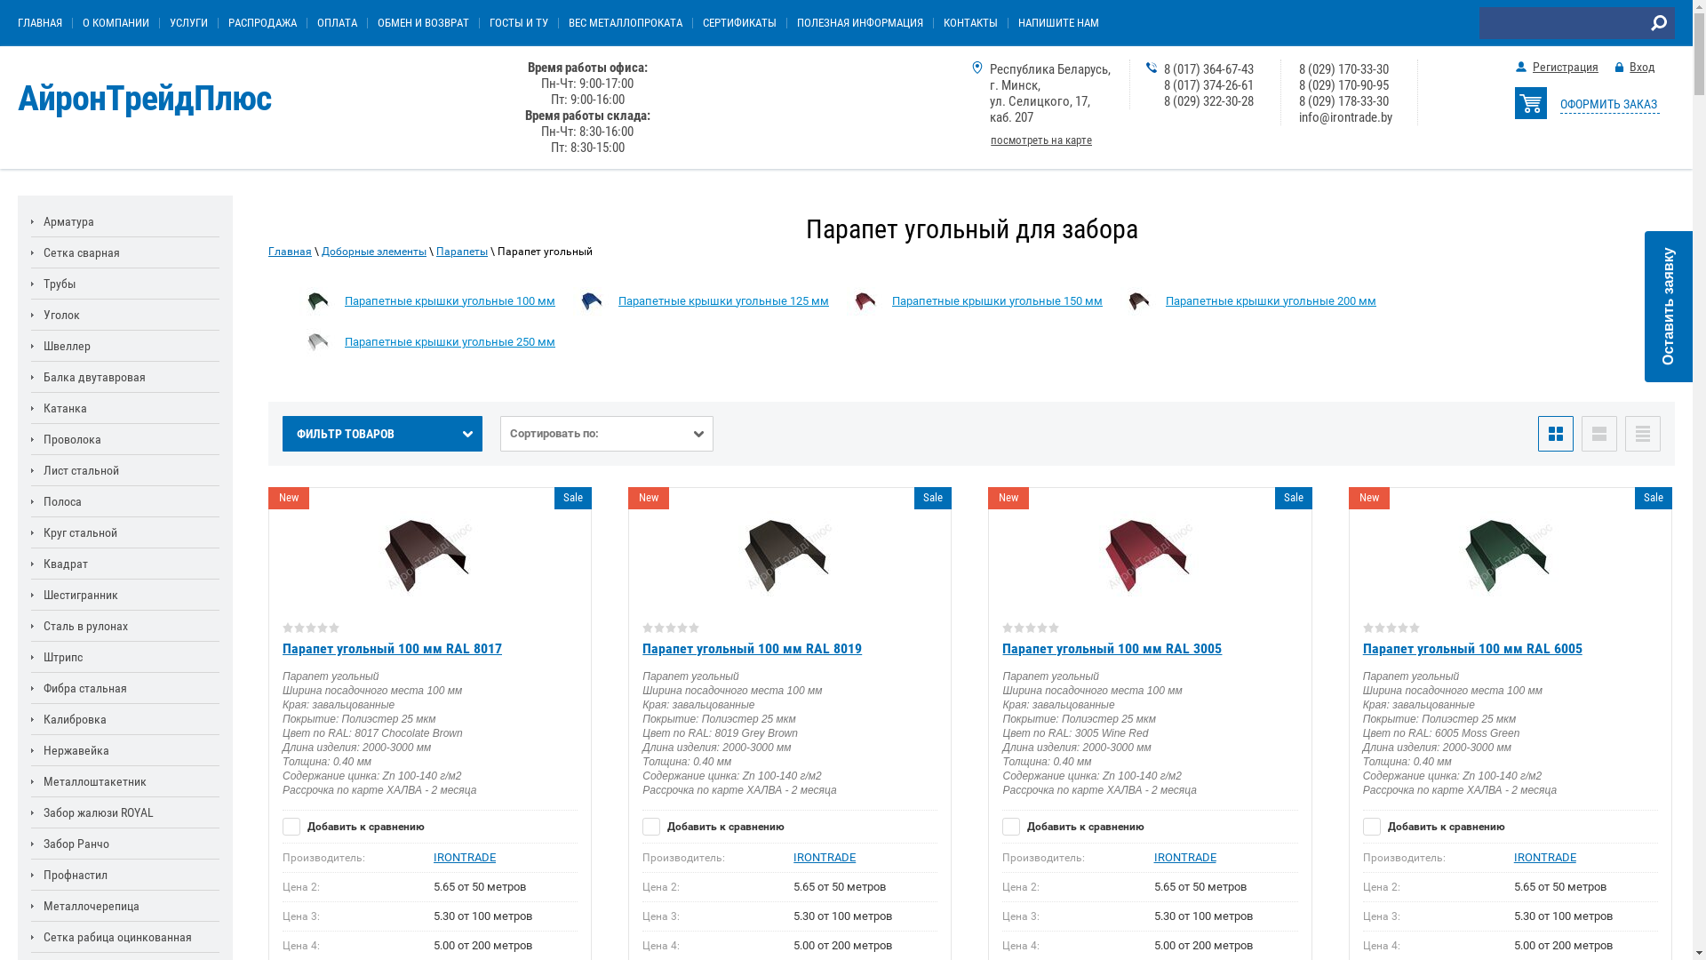 This screenshot has height=960, width=1706. I want to click on '8 (029) 322-30-28', so click(1208, 101).